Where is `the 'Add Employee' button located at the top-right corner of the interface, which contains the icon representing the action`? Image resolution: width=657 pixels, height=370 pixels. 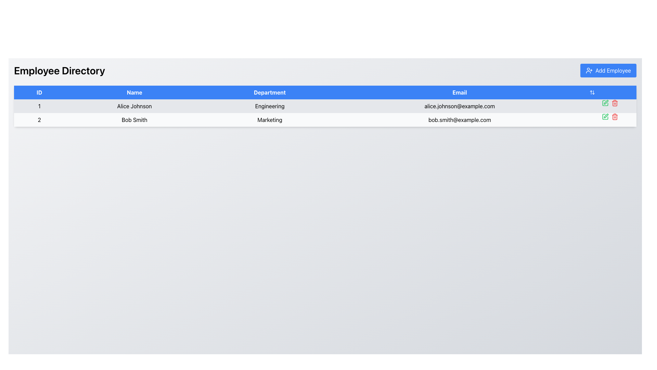
the 'Add Employee' button located at the top-right corner of the interface, which contains the icon representing the action is located at coordinates (589, 70).